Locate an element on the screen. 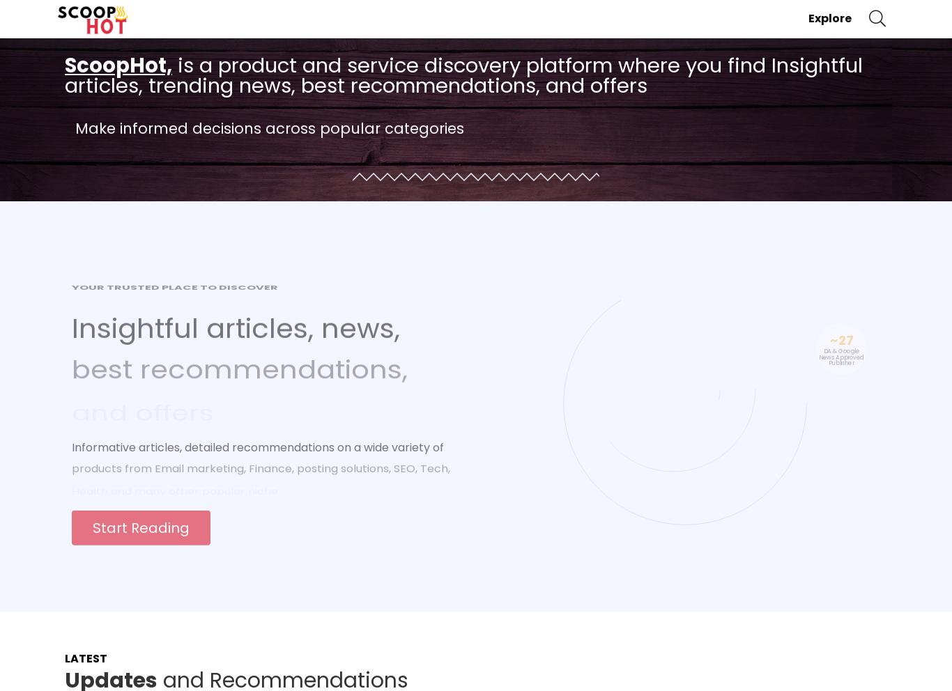 This screenshot has height=691, width=952. 'Health and many other popular niche' is located at coordinates (174, 478).